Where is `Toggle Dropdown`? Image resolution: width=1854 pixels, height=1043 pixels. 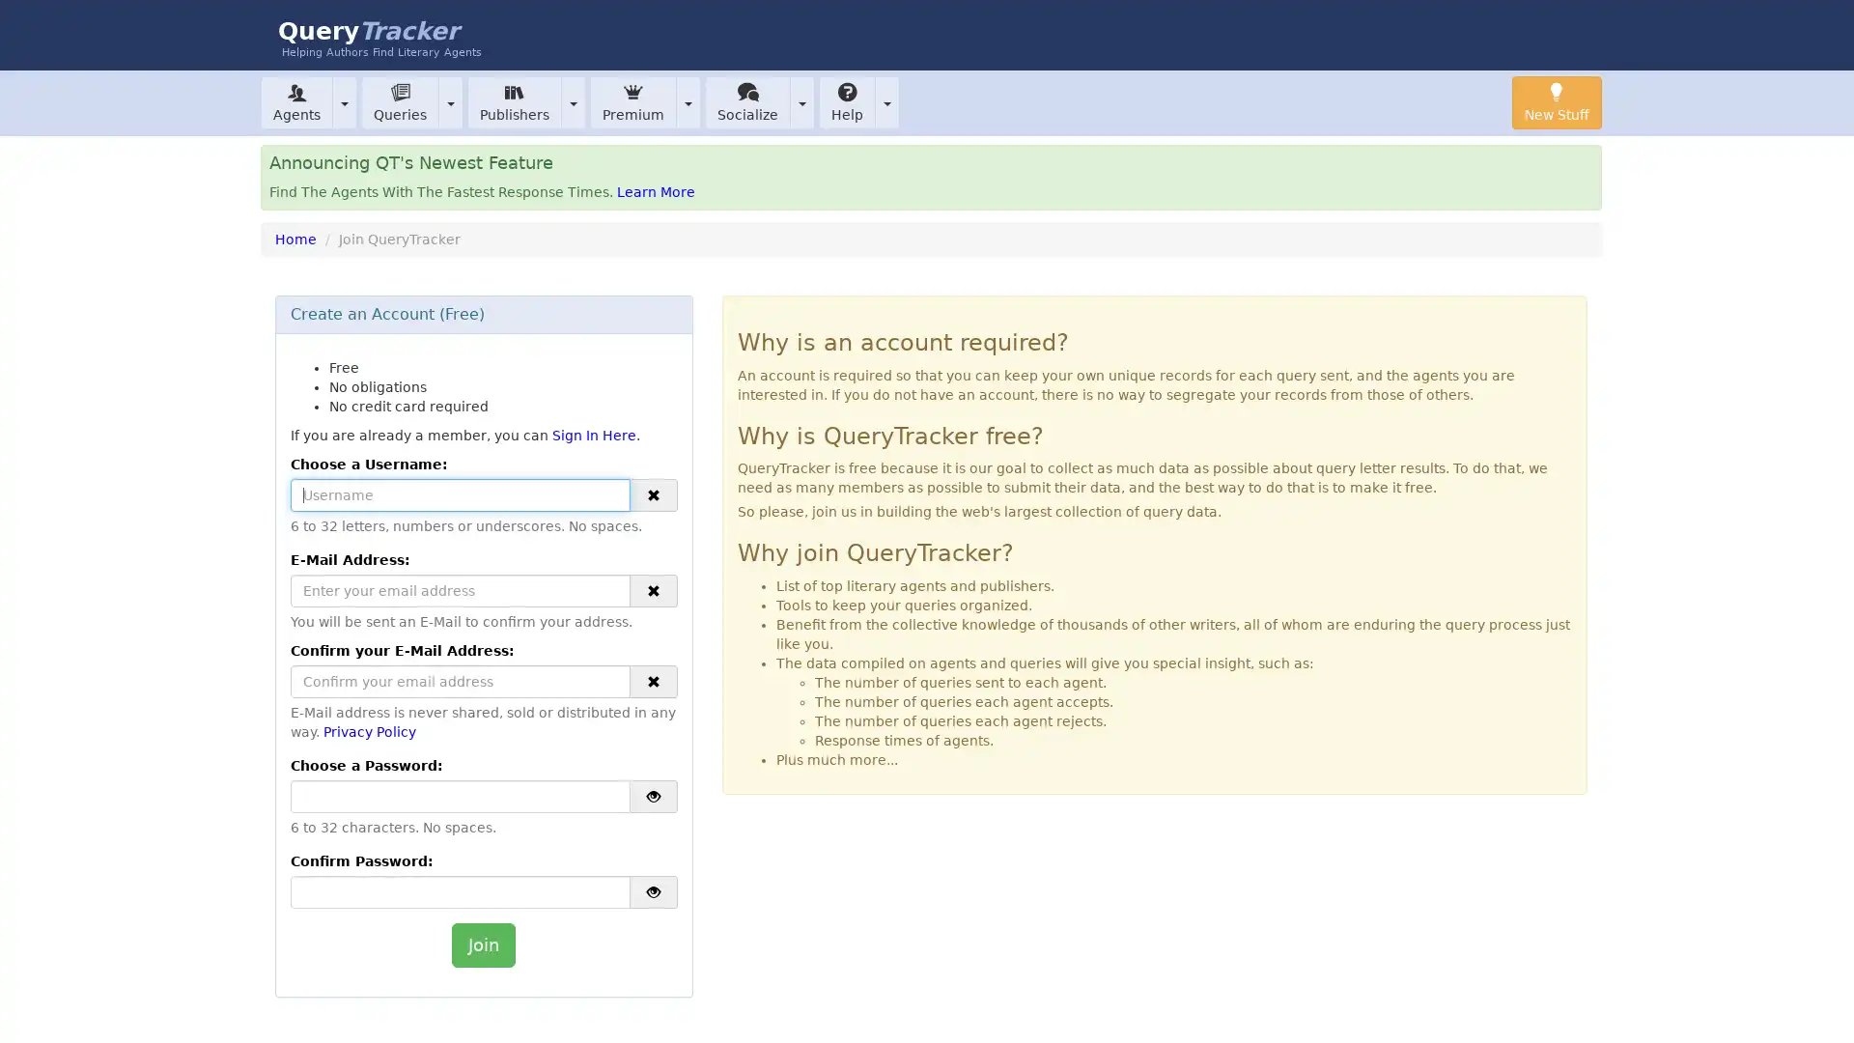 Toggle Dropdown is located at coordinates (449, 102).